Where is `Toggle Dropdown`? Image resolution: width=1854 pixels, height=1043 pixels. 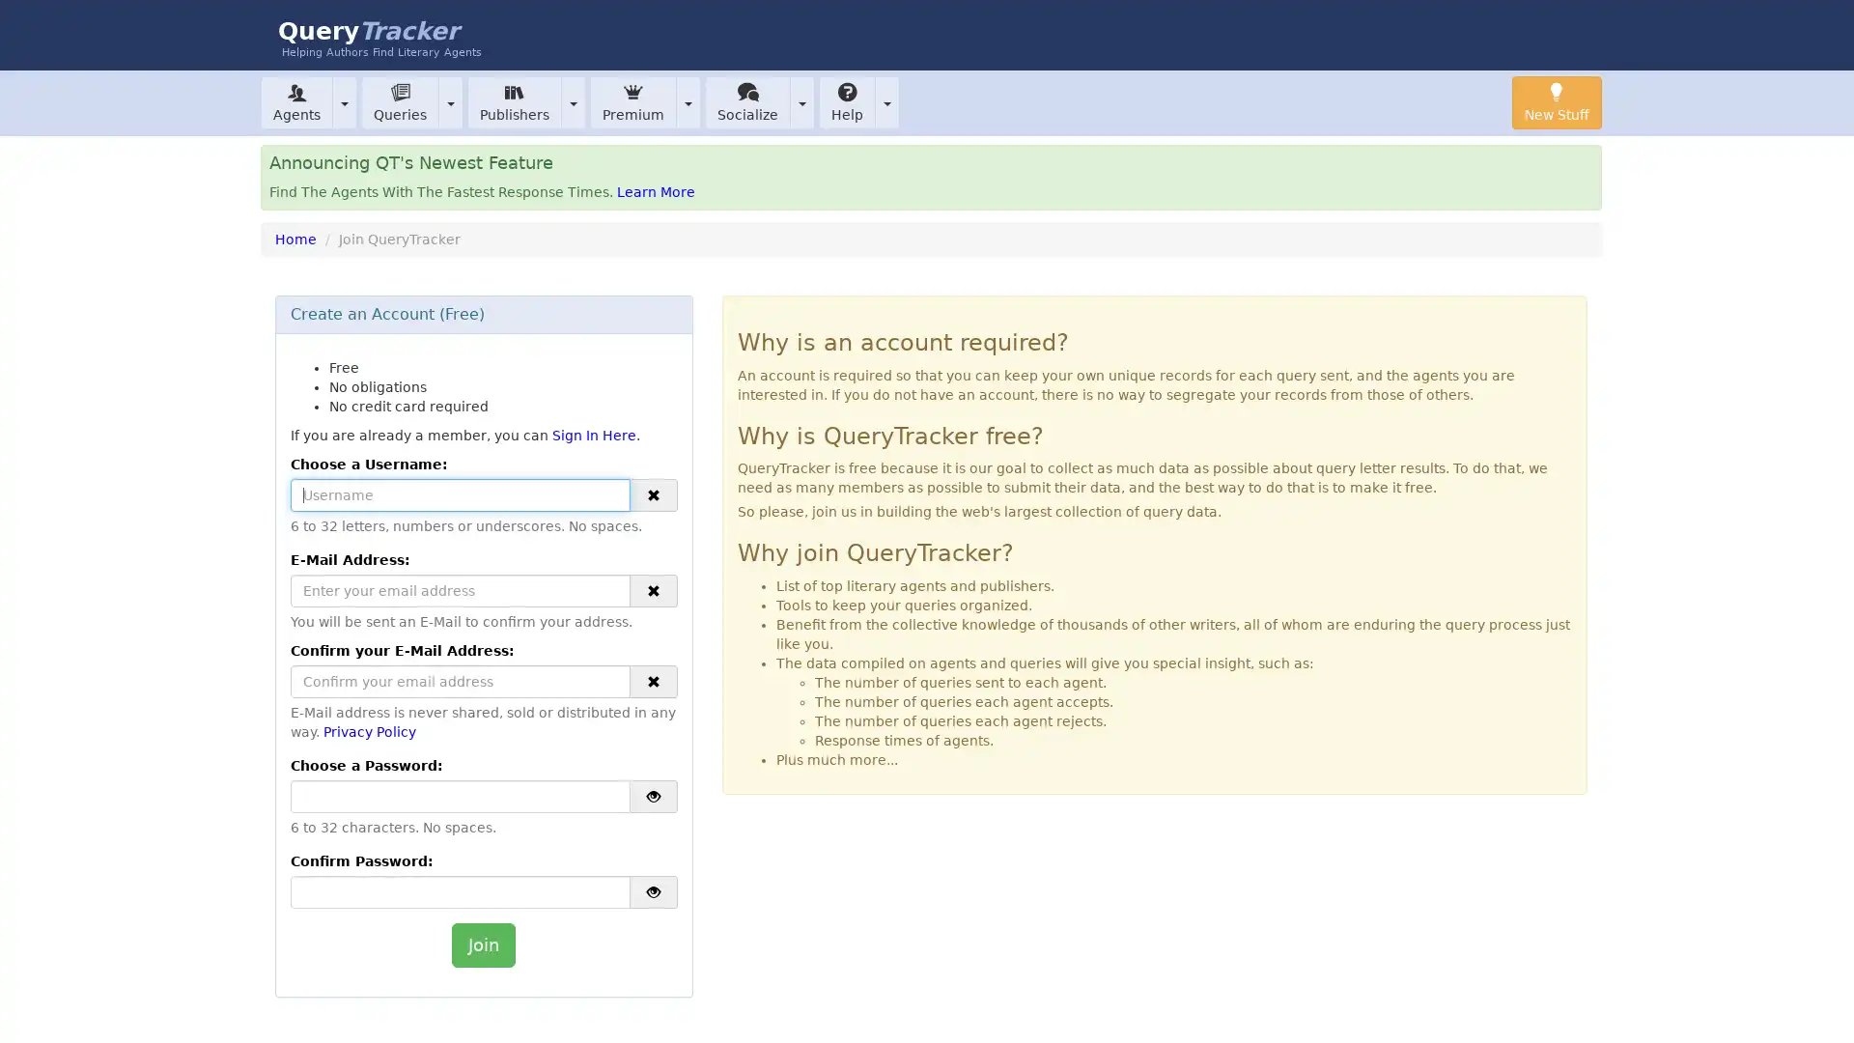 Toggle Dropdown is located at coordinates (449, 102).